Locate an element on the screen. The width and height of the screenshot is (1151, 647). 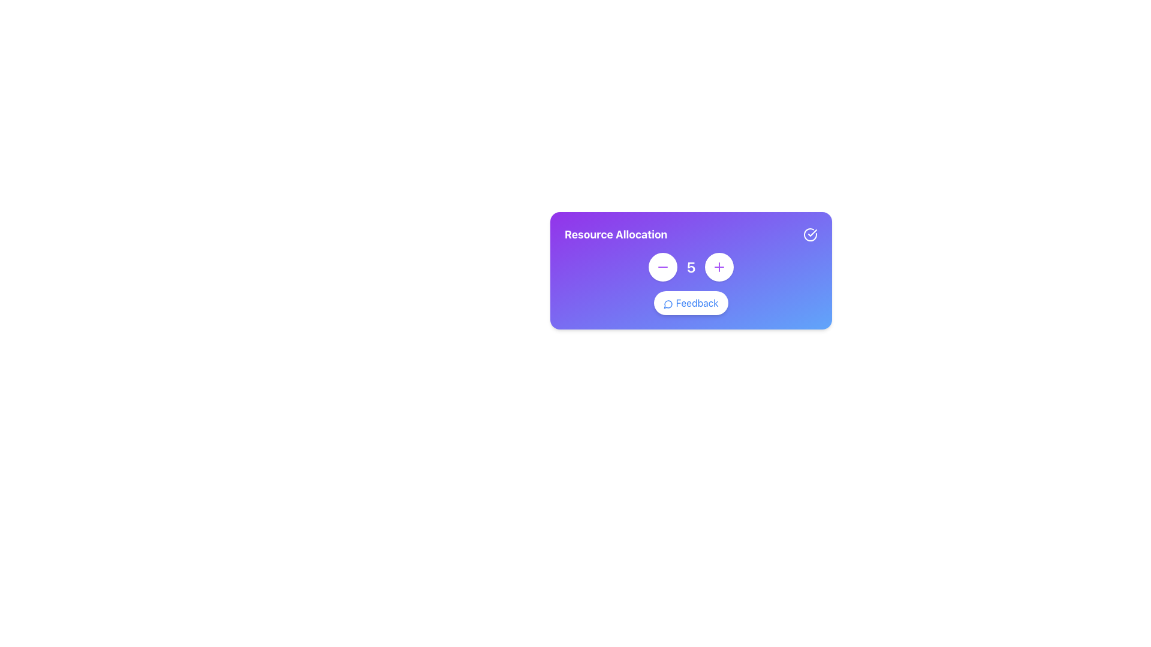
the 'Feedback' button, which is a light blue button with white text and a chat bubble icon, located at the center-bottom of the 'Resource Allocation' card is located at coordinates (691, 313).